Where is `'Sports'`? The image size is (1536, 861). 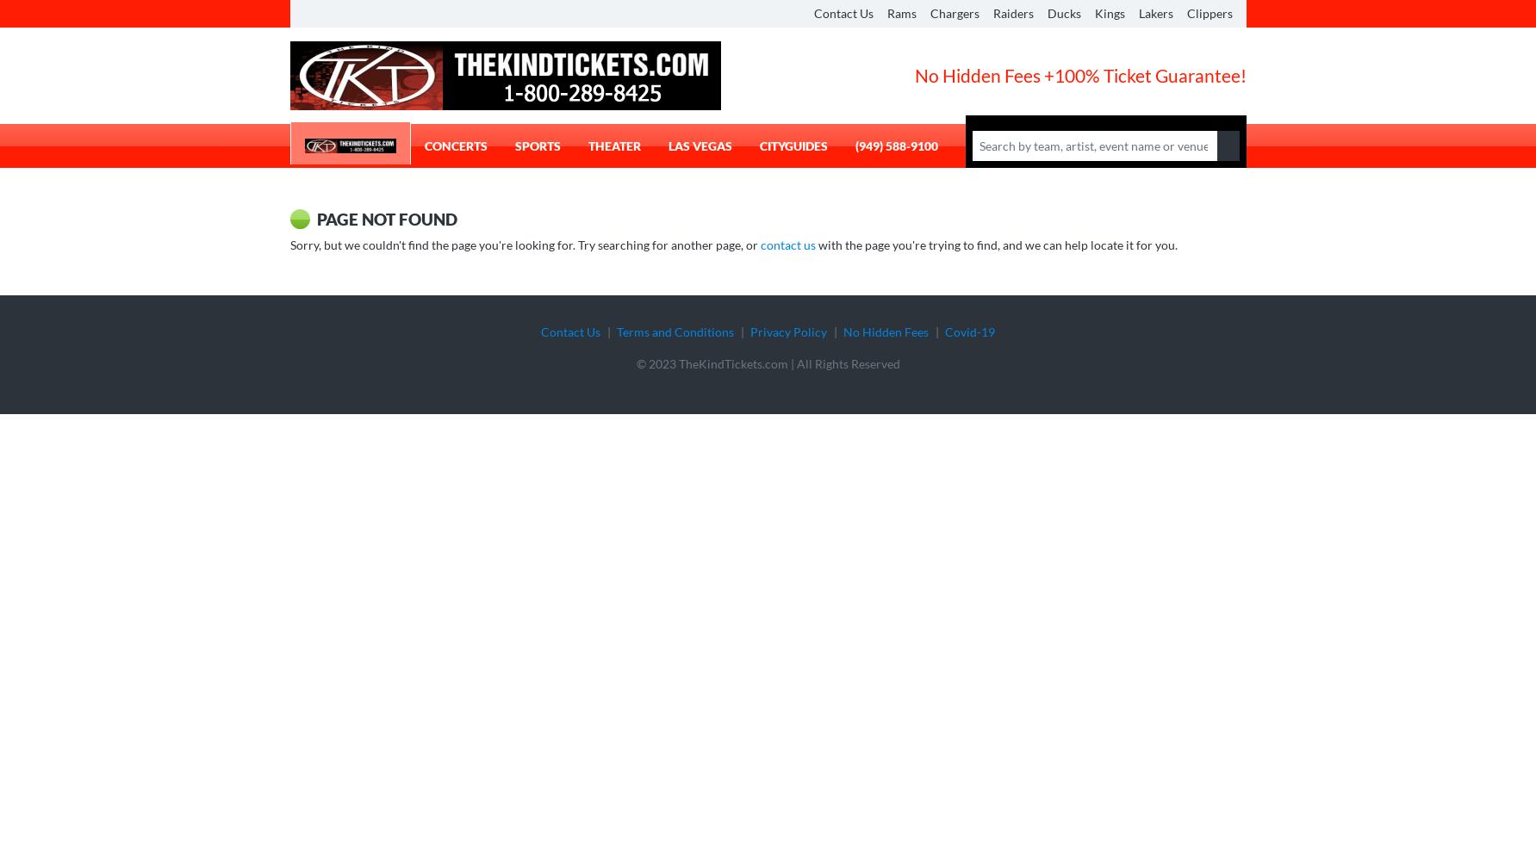
'Sports' is located at coordinates (537, 145).